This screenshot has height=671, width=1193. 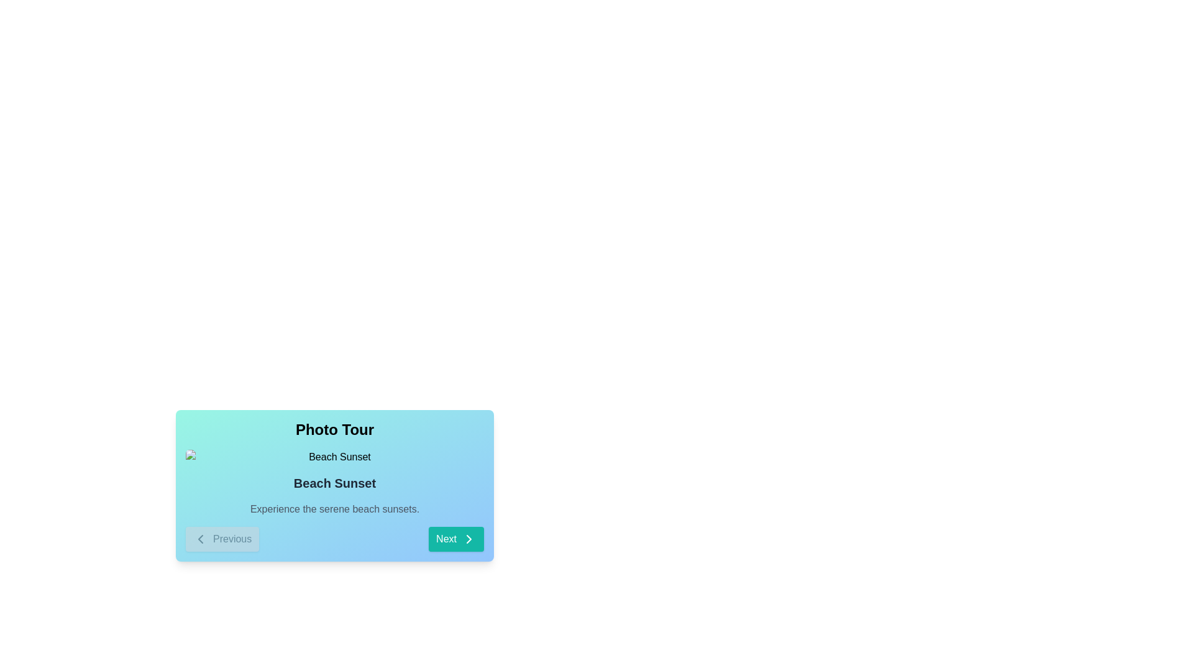 What do you see at coordinates (455, 538) in the screenshot?
I see `the Next button to navigate to the Next step` at bounding box center [455, 538].